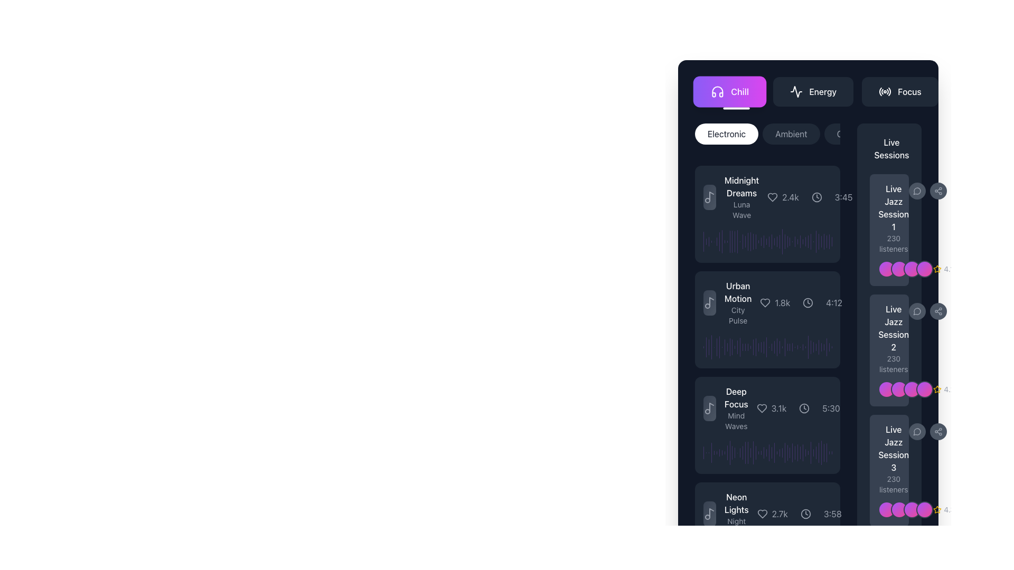 Image resolution: width=1014 pixels, height=570 pixels. I want to click on the 49th bar in the vertical stack of the bar chart component located near the right side of the interface, so click(821, 557).